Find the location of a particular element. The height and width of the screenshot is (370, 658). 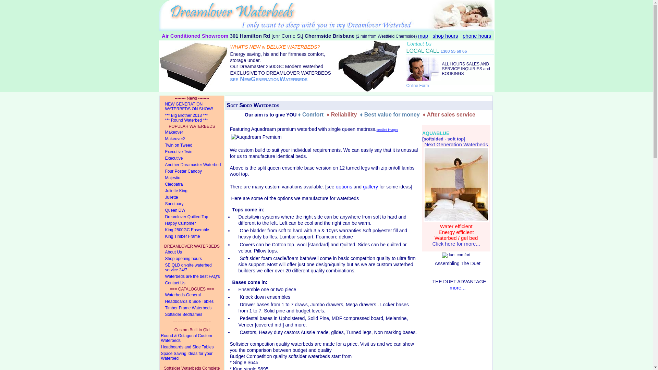

'Waterbeds-General' is located at coordinates (192, 295).